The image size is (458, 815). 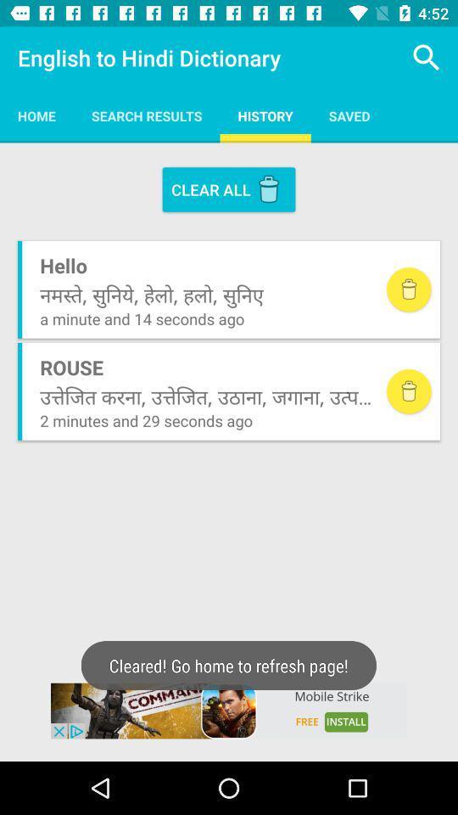 I want to click on delete entry, so click(x=408, y=289).